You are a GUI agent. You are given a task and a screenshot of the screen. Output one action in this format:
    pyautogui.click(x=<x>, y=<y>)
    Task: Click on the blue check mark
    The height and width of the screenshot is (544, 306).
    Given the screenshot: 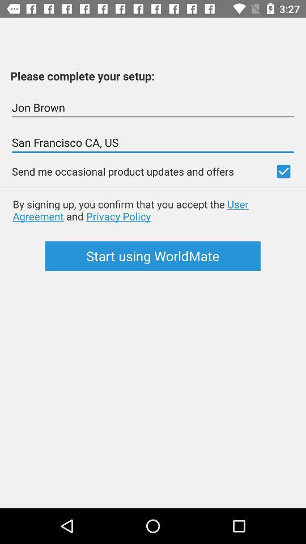 What is the action you would take?
    pyautogui.click(x=283, y=171)
    